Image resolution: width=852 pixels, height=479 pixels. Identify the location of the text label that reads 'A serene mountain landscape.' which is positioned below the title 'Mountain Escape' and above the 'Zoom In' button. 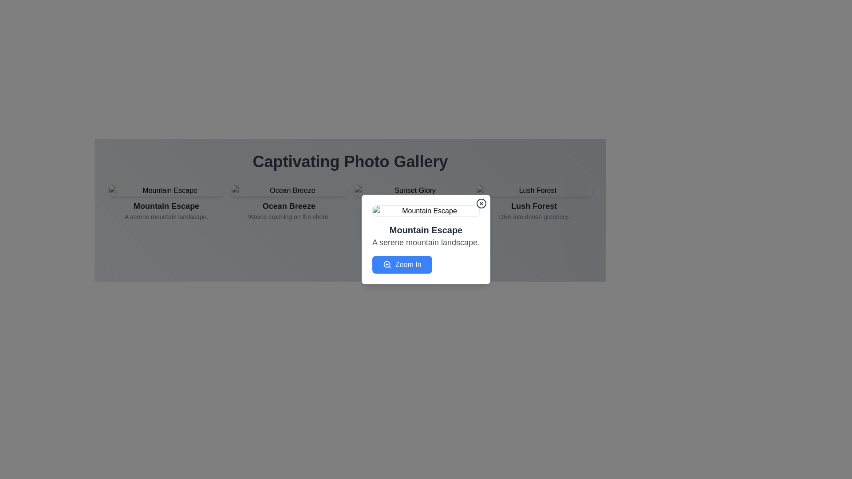
(426, 243).